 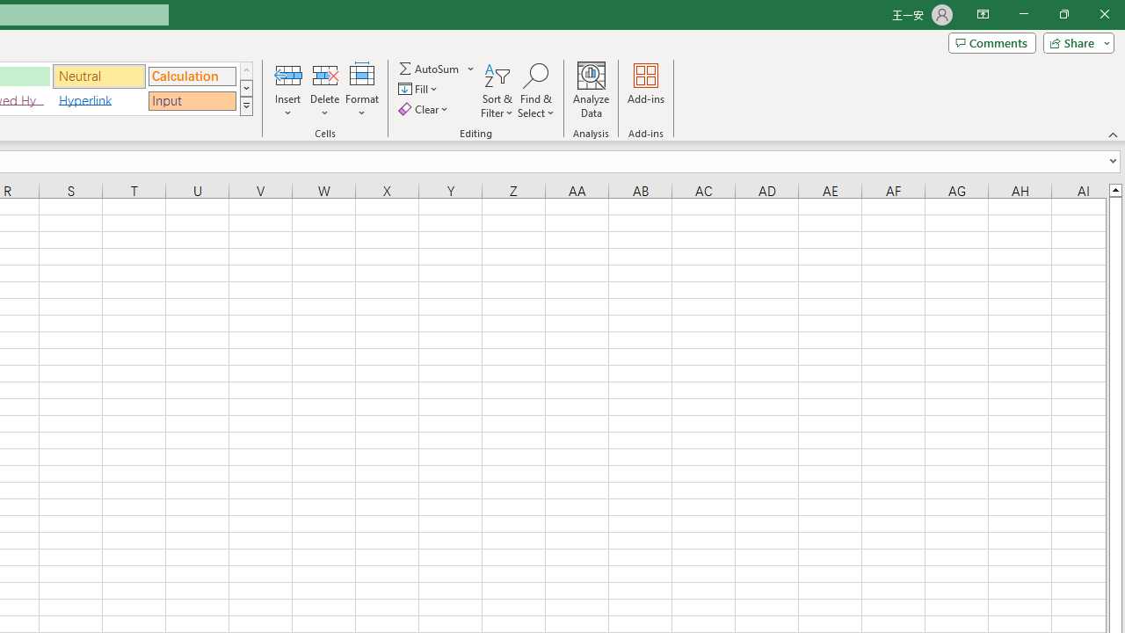 I want to click on 'Format', so click(x=361, y=91).